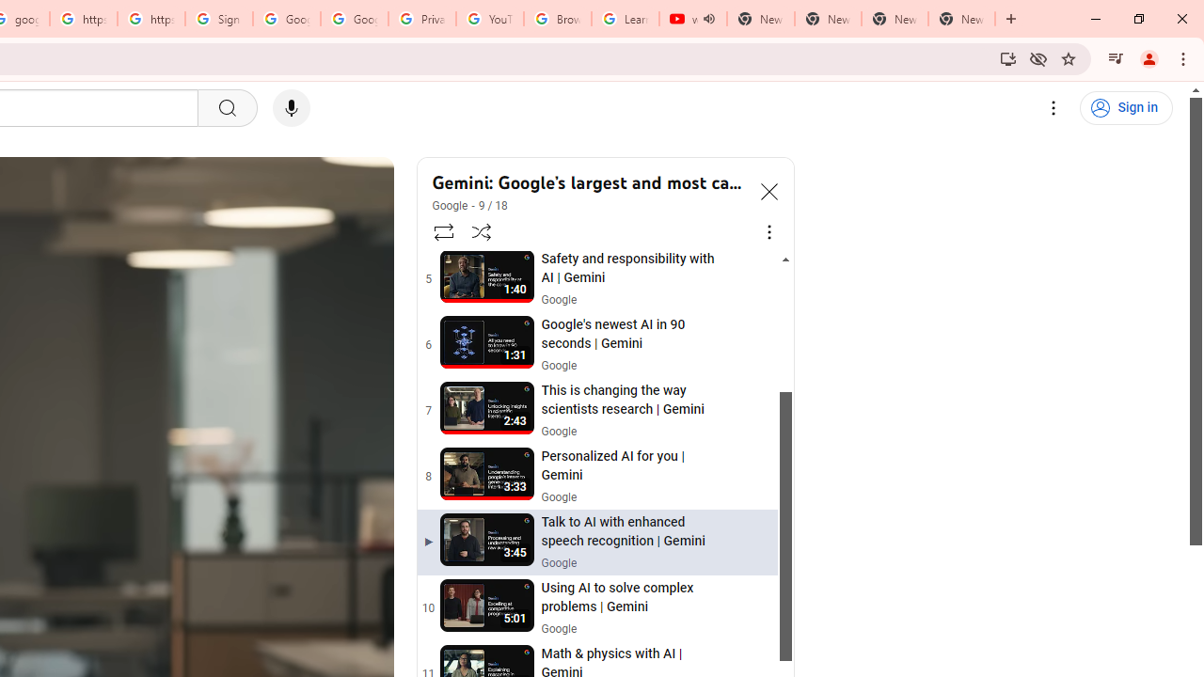 Image resolution: width=1204 pixels, height=677 pixels. I want to click on 'Loop playlist', so click(442, 230).